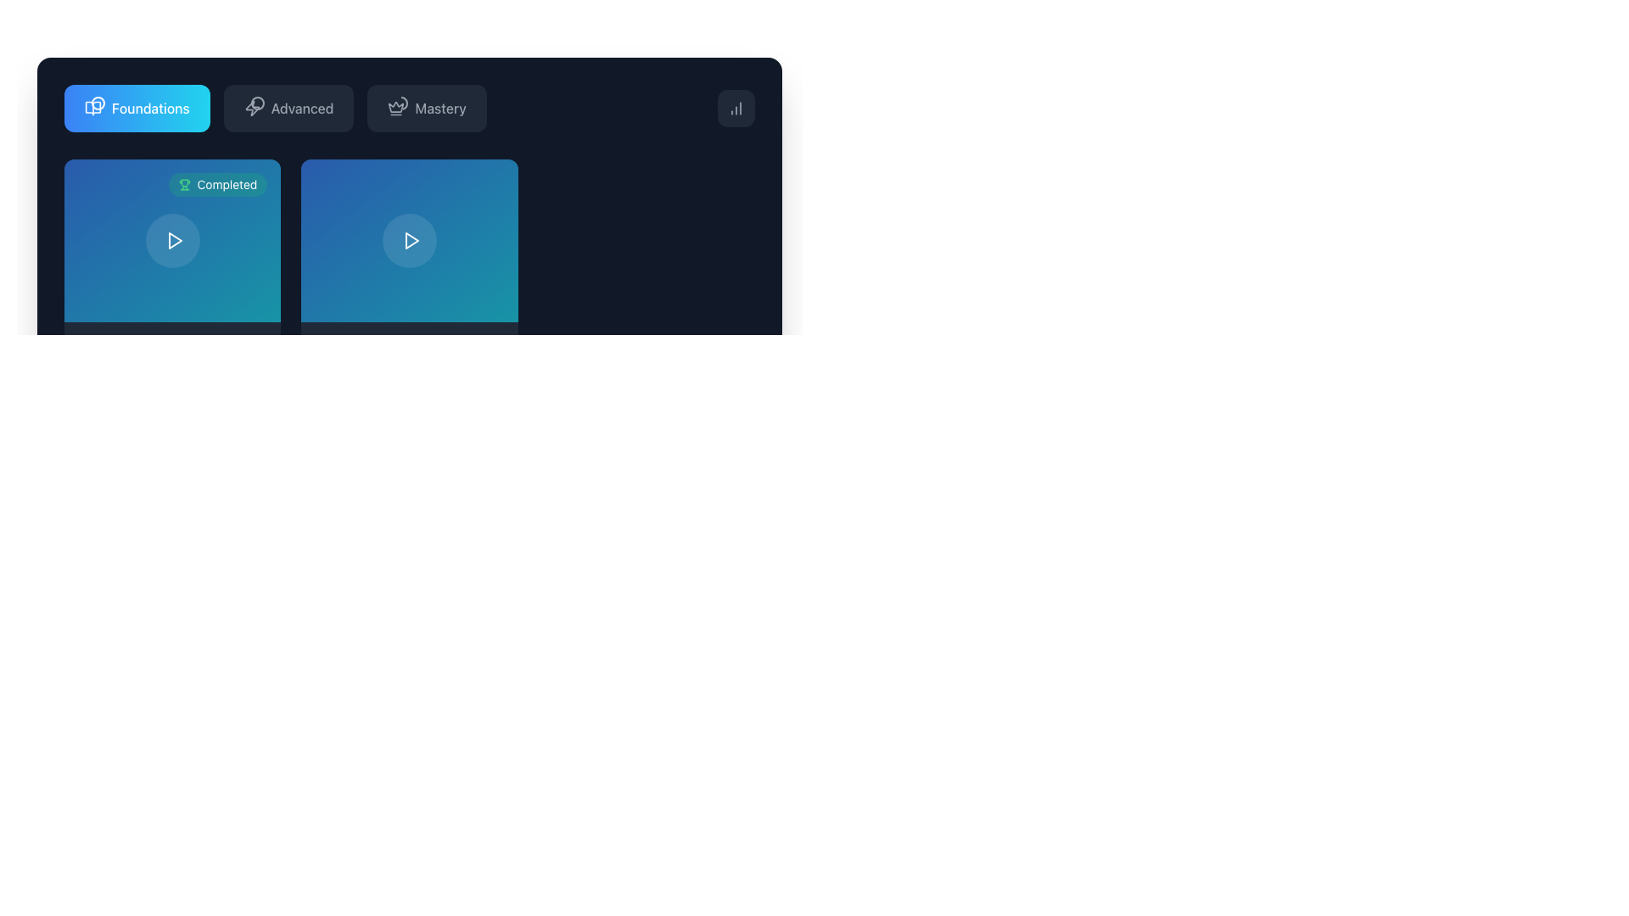  What do you see at coordinates (302, 108) in the screenshot?
I see `the 'Advanced' category label` at bounding box center [302, 108].